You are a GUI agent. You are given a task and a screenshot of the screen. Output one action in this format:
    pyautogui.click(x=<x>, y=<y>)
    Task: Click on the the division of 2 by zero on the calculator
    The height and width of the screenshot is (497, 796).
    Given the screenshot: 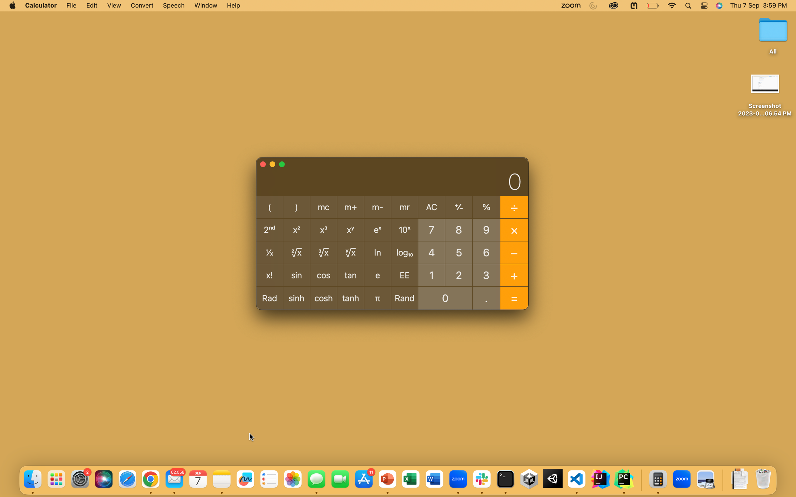 What is the action you would take?
    pyautogui.click(x=459, y=274)
    